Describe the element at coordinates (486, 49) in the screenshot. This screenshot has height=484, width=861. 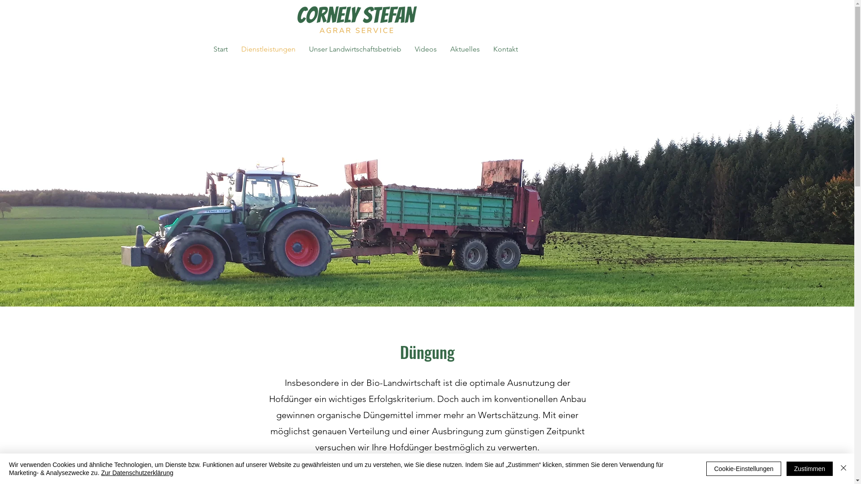
I see `'Kontakt'` at that location.